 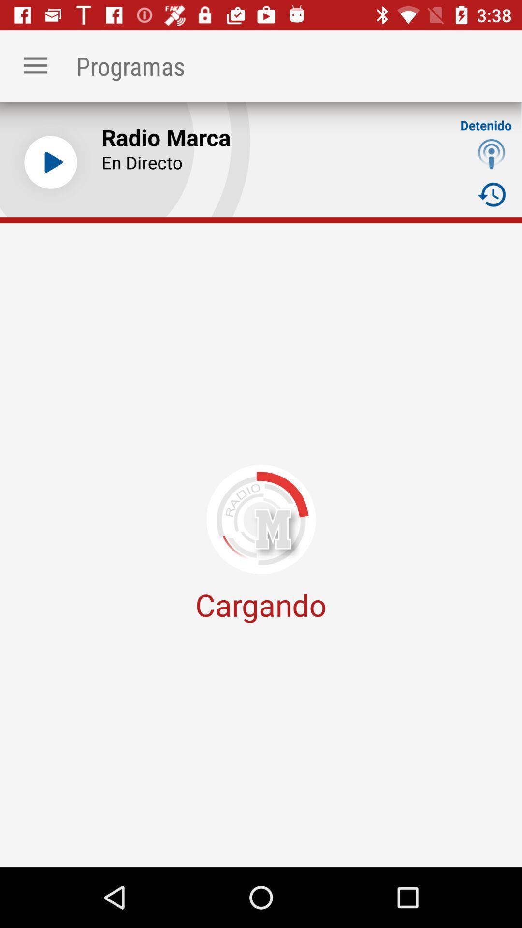 What do you see at coordinates (492, 153) in the screenshot?
I see `the location icon` at bounding box center [492, 153].